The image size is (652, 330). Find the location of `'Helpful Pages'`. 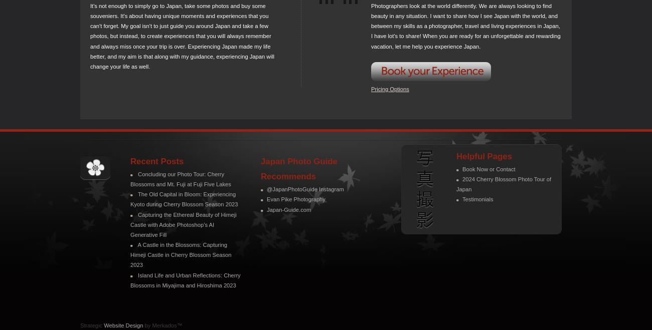

'Helpful Pages' is located at coordinates (483, 156).